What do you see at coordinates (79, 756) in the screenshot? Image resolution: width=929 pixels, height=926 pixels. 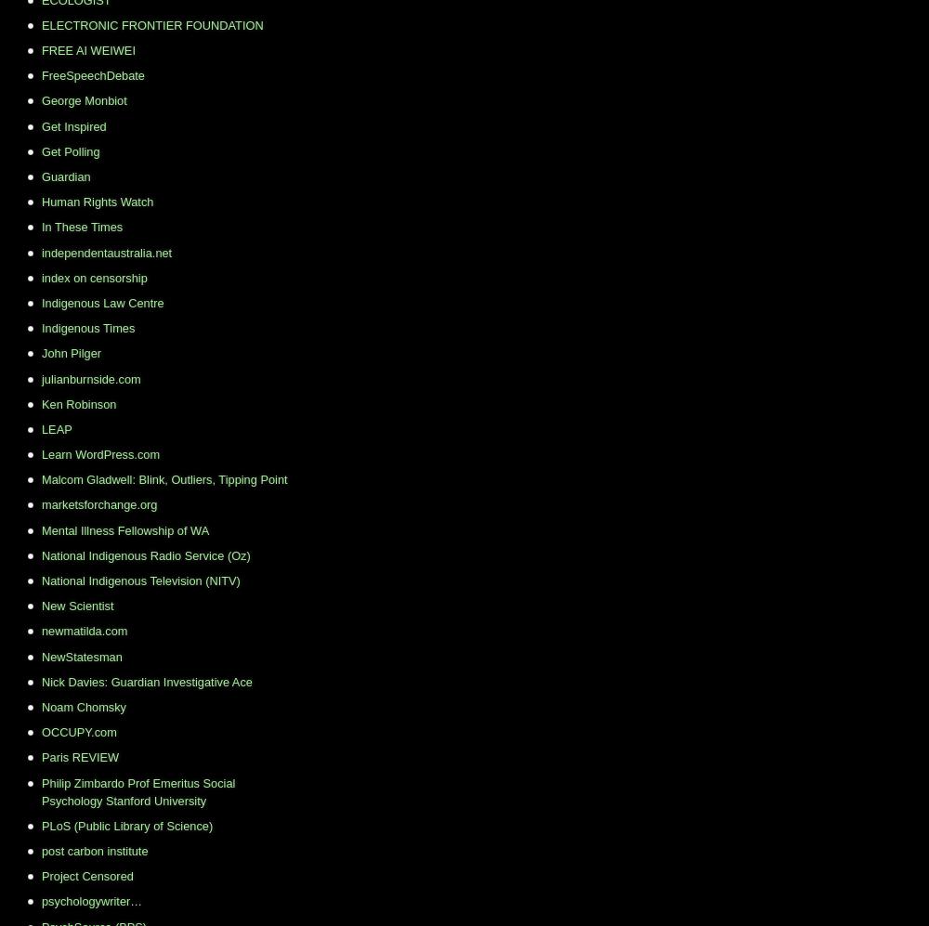 I see `'Paris REVIEW'` at bounding box center [79, 756].